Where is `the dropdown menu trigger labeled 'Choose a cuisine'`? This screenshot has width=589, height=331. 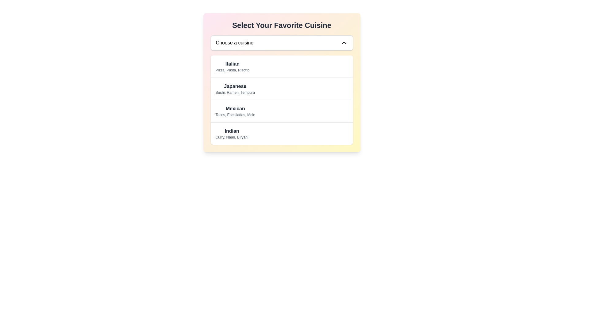
the dropdown menu trigger labeled 'Choose a cuisine' is located at coordinates (281, 42).